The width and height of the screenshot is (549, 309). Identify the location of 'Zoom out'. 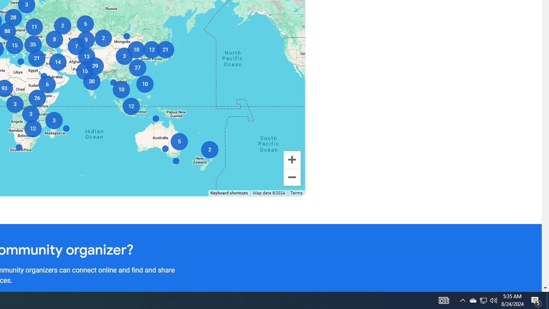
(292, 176).